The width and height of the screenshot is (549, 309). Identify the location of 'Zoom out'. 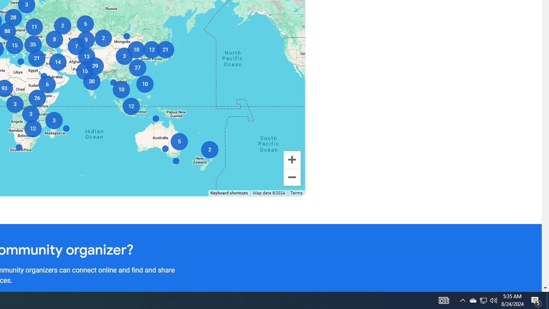
(292, 176).